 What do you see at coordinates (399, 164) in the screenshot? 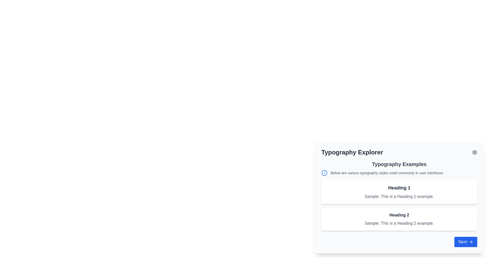
I see `the static text label reading 'Typography Examples', which is styled prominently and located beneath the main header 'Typography Explorer'` at bounding box center [399, 164].